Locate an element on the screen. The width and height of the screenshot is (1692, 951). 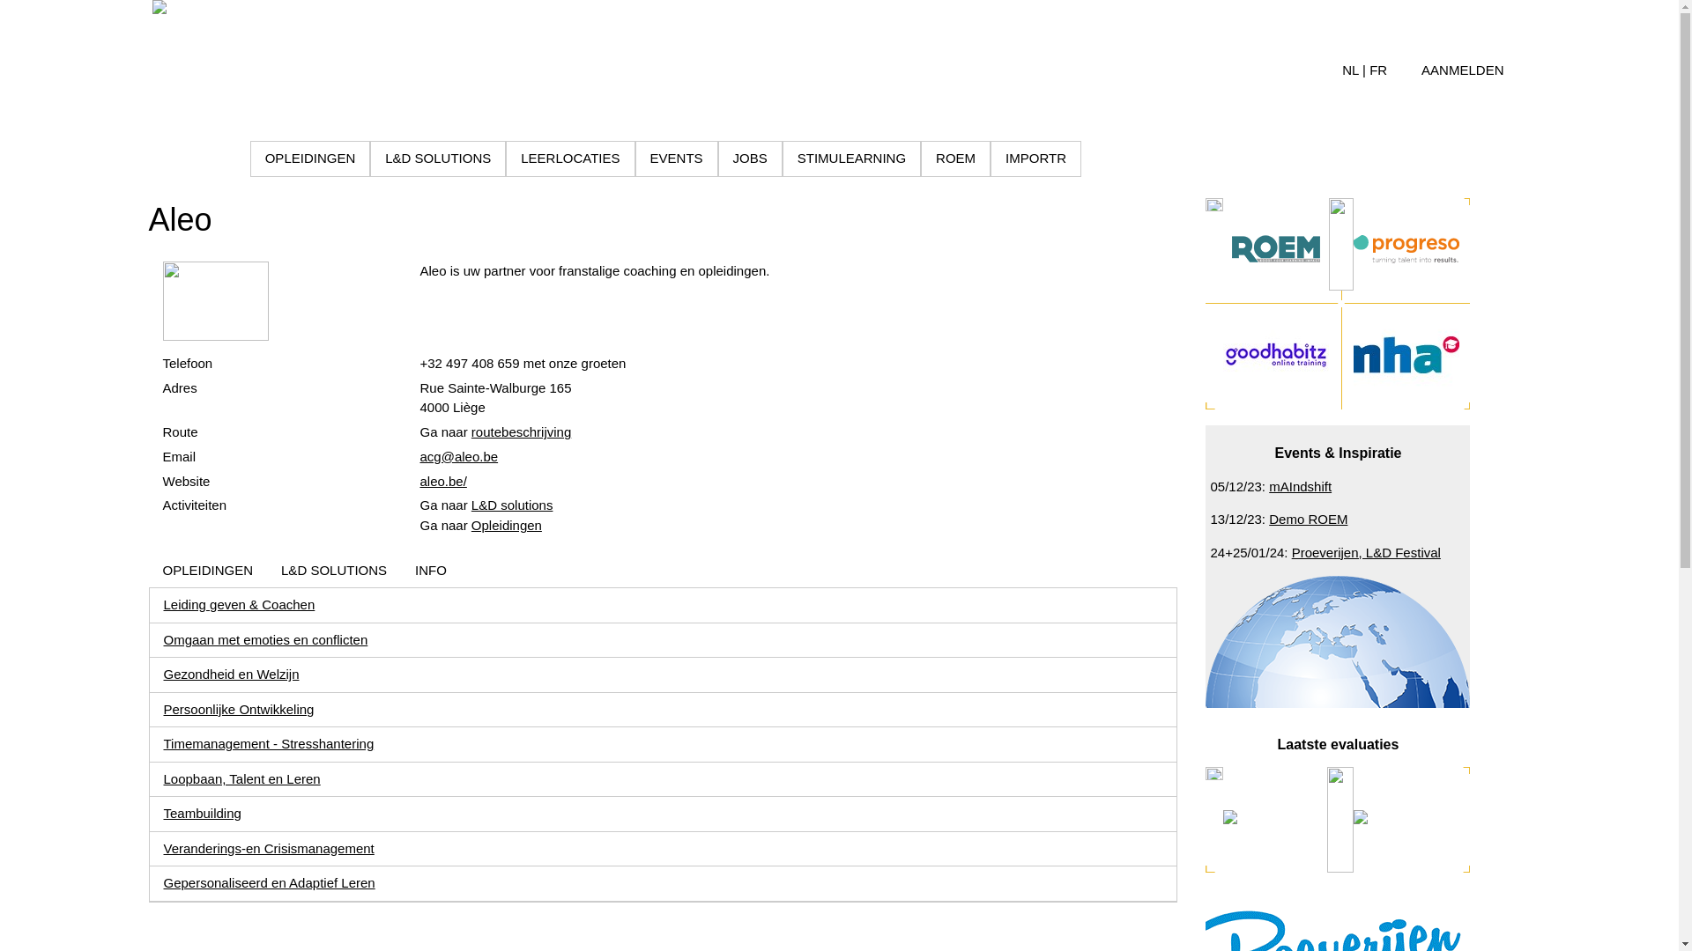
'Demo ROEM' is located at coordinates (1308, 518).